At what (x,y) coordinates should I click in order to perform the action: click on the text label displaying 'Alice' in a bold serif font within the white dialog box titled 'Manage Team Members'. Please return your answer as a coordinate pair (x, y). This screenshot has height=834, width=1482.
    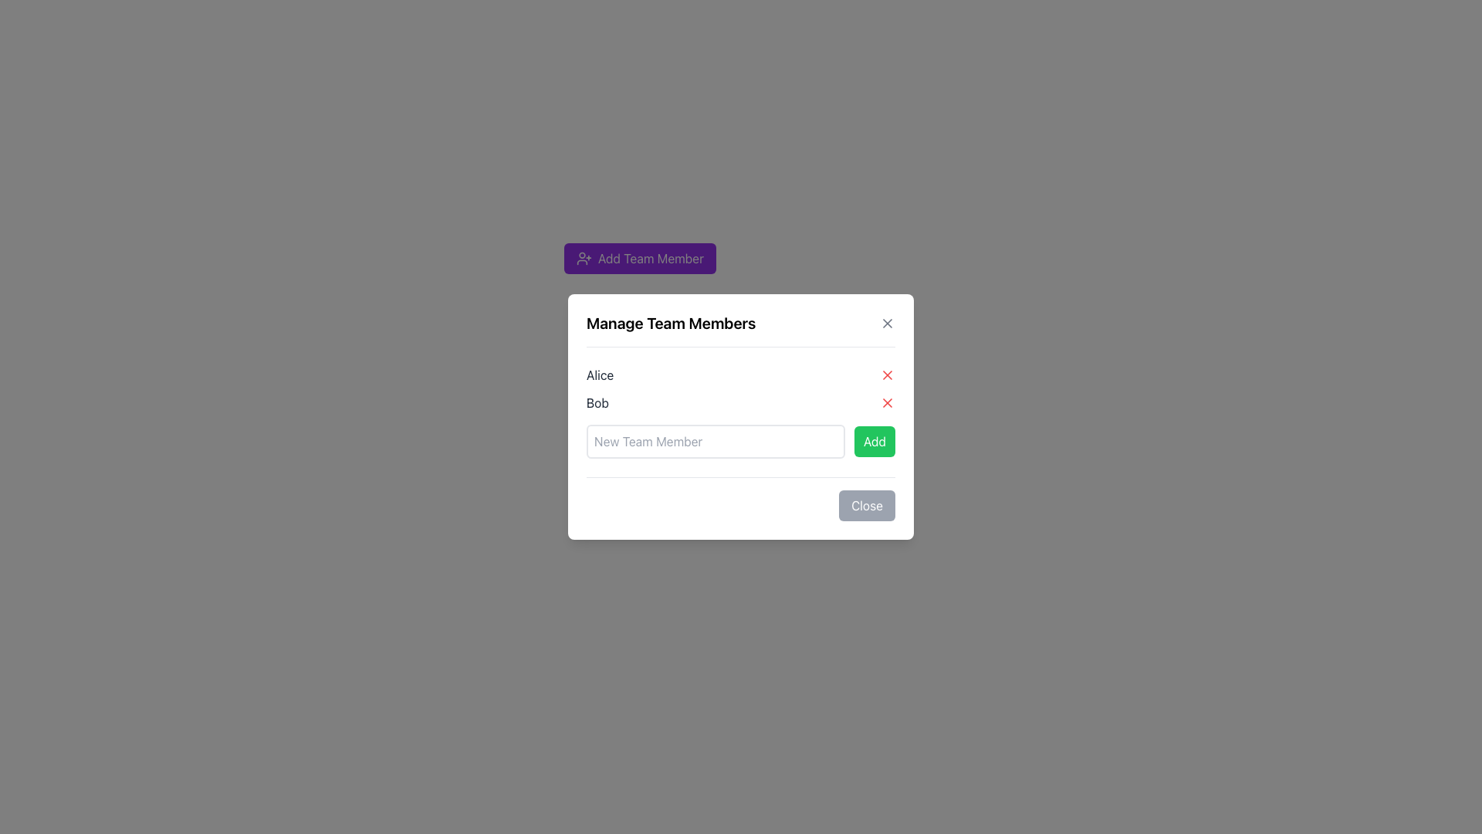
    Looking at the image, I should click on (599, 375).